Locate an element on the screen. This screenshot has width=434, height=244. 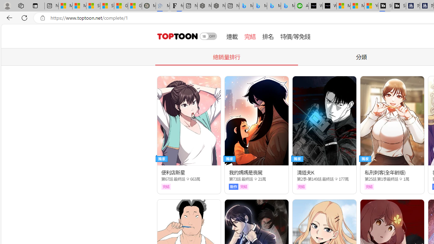
'Class:  switch_18mode actionAdultBtn' is located at coordinates (208, 36).